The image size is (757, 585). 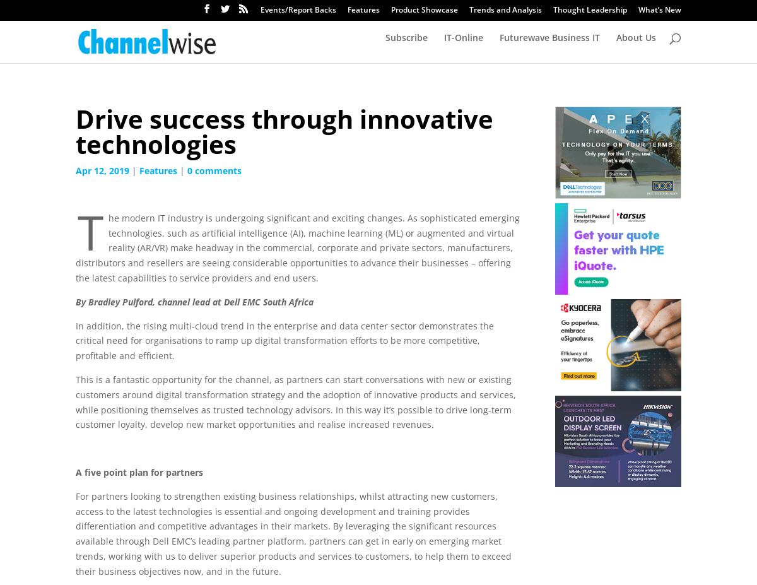 What do you see at coordinates (298, 9) in the screenshot?
I see `'Events/Report Backs'` at bounding box center [298, 9].